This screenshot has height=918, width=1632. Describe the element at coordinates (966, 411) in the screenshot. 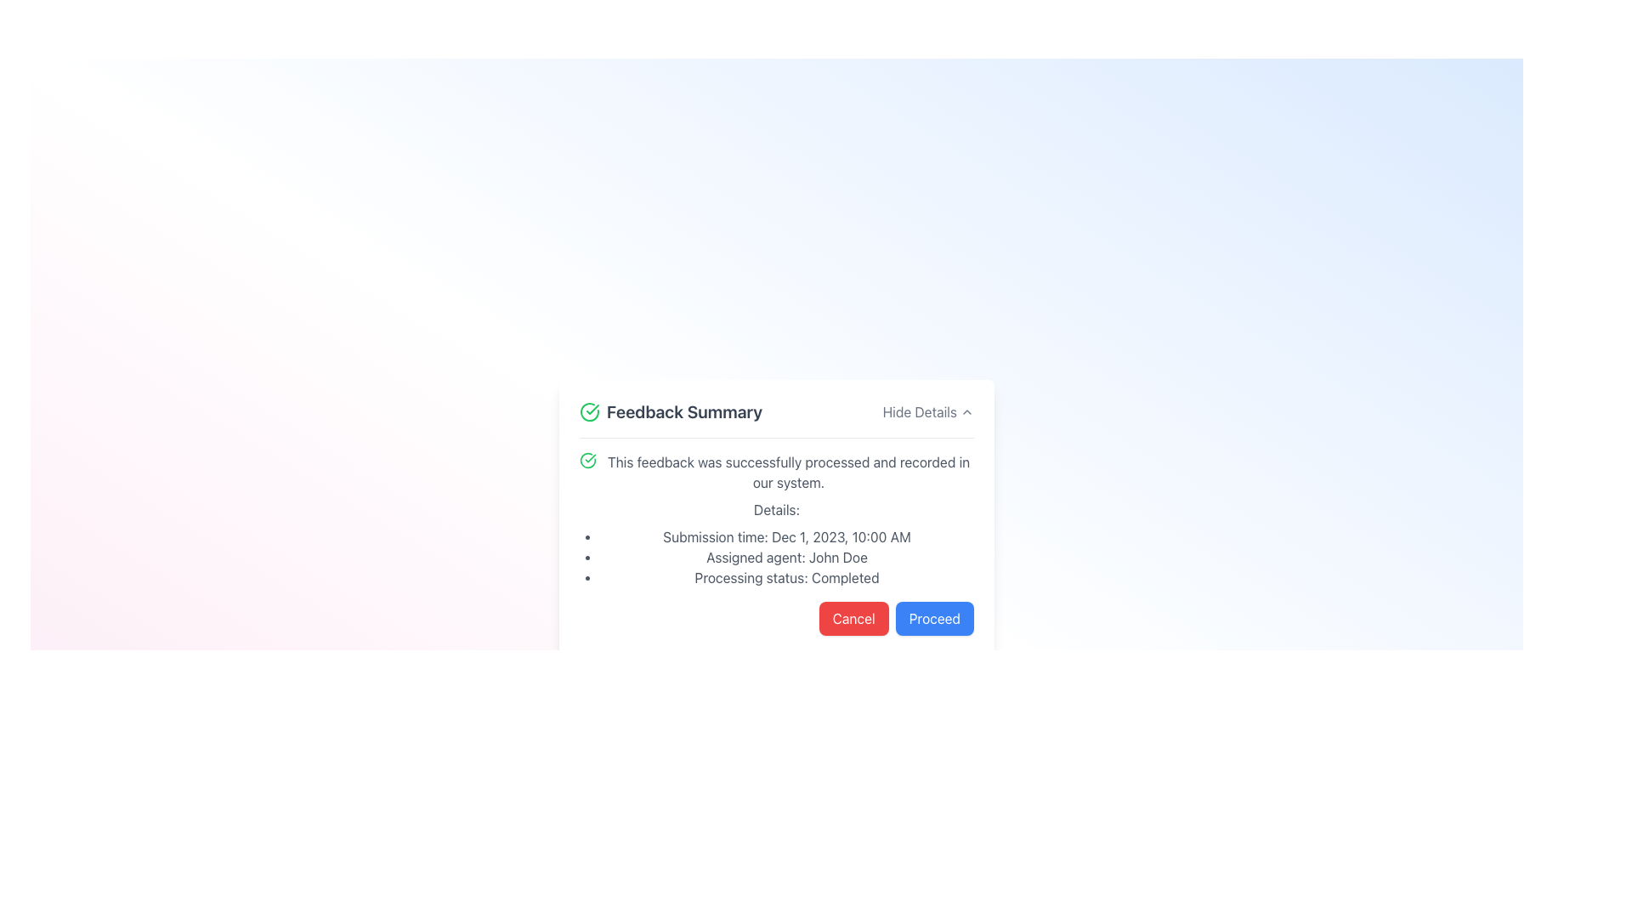

I see `the chevron button located at the top-right corner of the feedback summary box` at that location.